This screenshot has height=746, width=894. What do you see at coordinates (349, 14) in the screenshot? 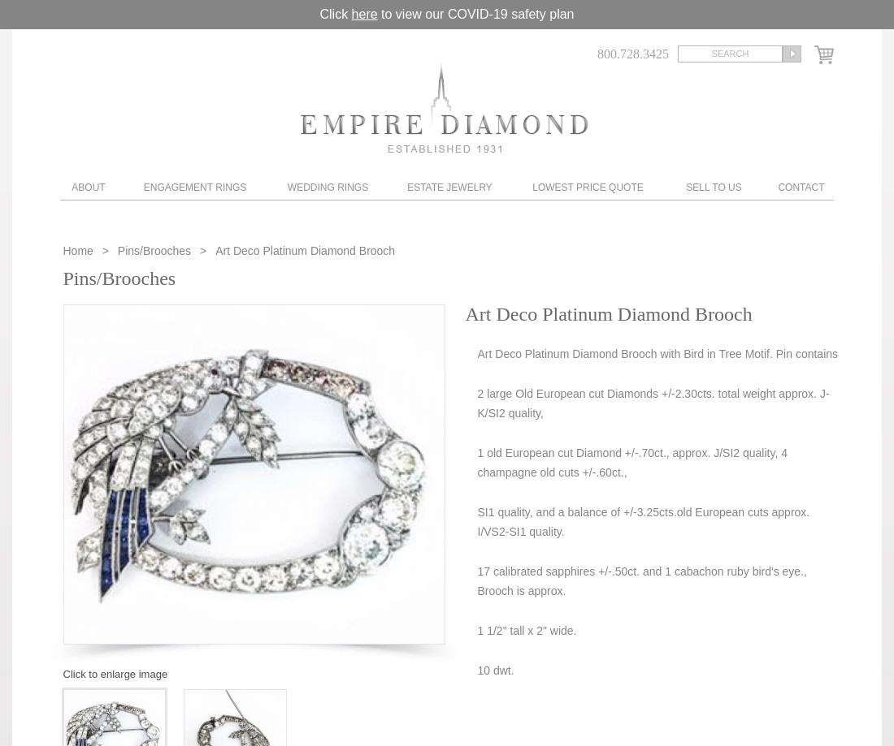
I see `'here'` at bounding box center [349, 14].